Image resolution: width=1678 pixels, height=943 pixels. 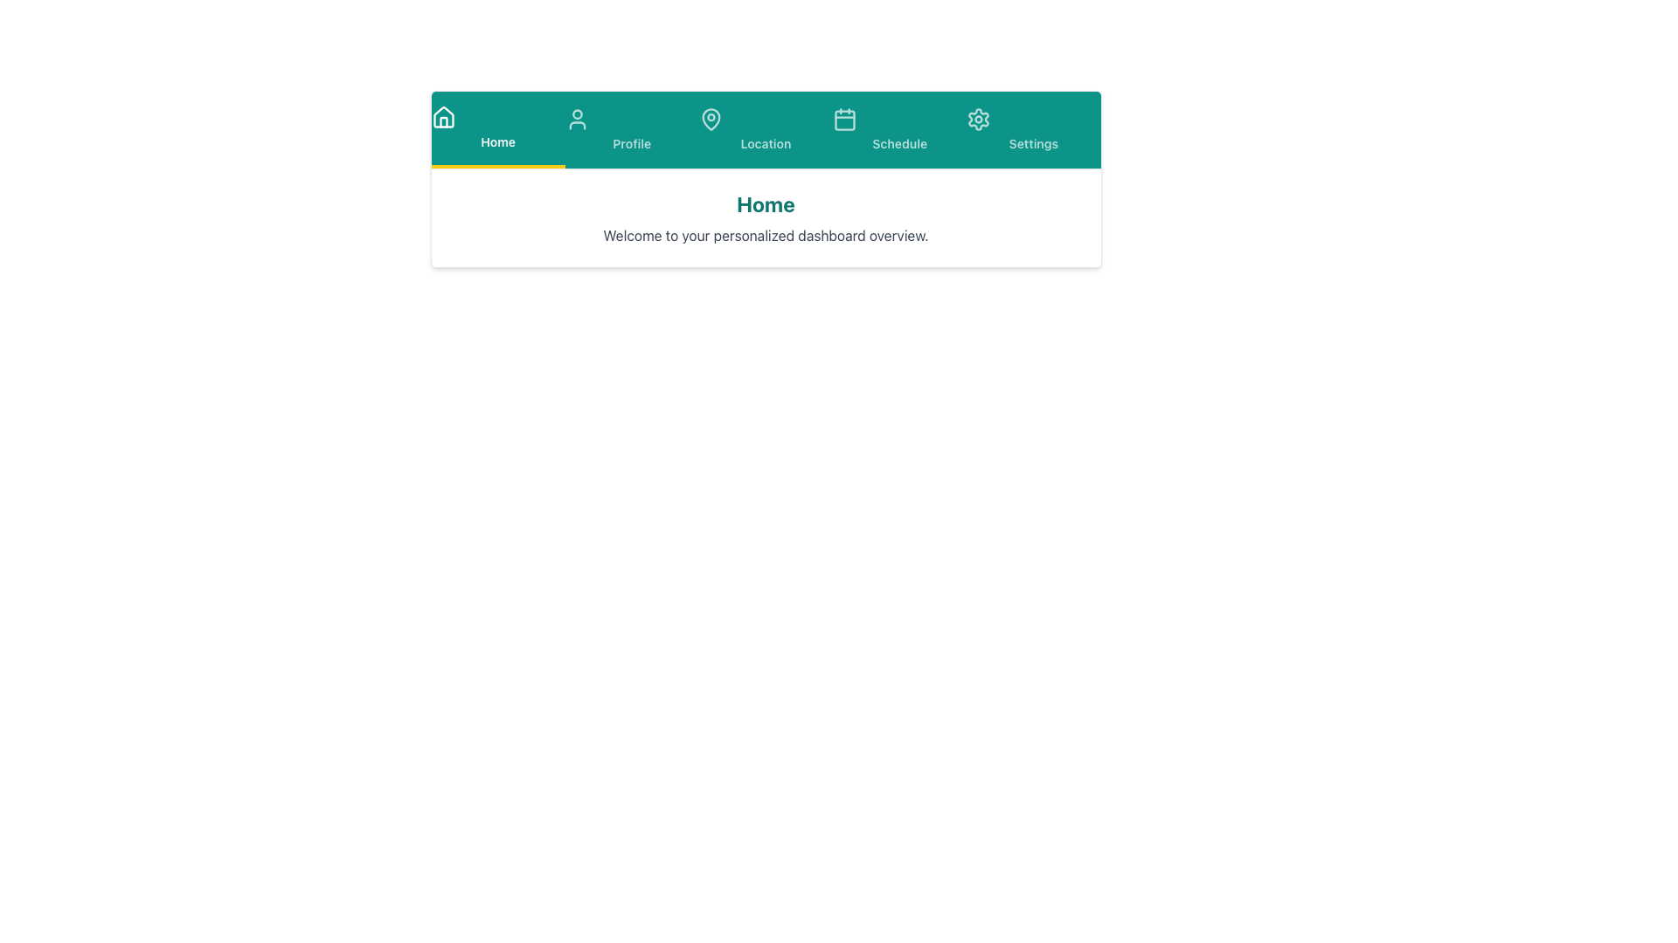 I want to click on the Text block that contains the bold, teal-colored title 'Home' and the gray-colored description 'Welcome to your personalized dashboard overview.', so click(x=766, y=217).